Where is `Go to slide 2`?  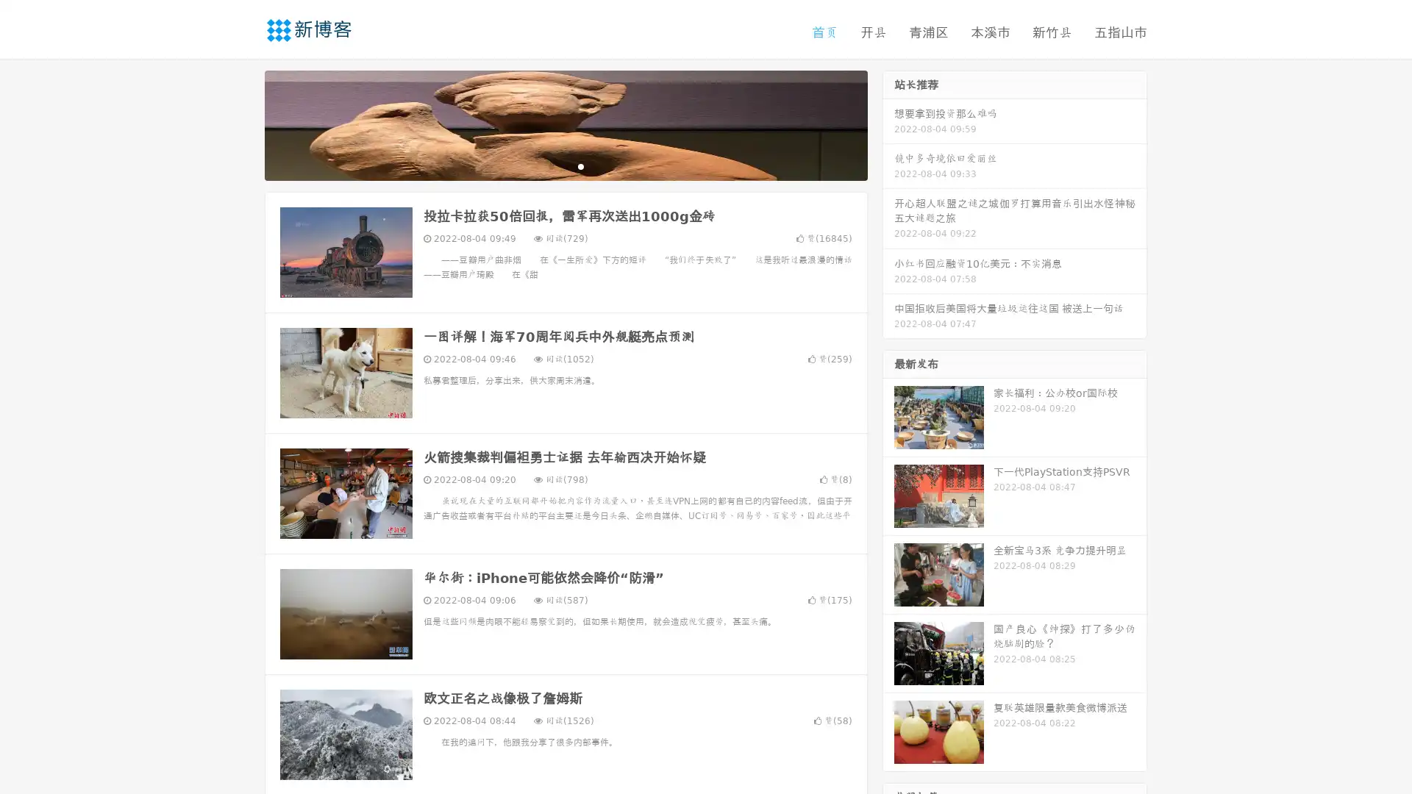
Go to slide 2 is located at coordinates (565, 165).